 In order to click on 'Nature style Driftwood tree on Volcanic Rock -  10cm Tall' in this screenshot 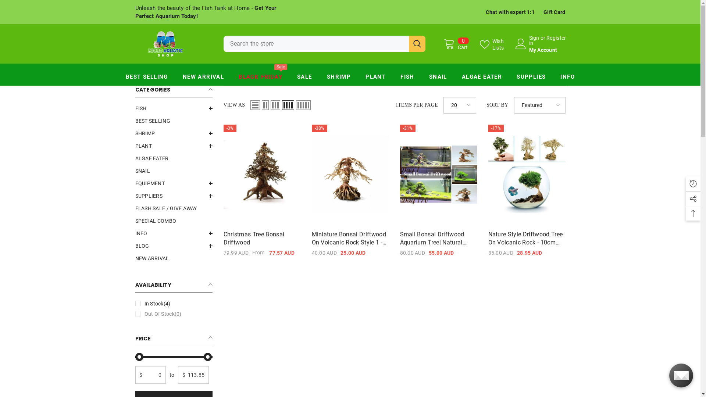, I will do `click(527, 174)`.